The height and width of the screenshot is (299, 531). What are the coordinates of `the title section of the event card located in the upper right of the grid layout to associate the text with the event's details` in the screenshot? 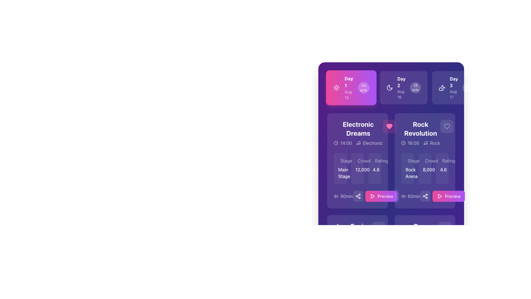 It's located at (425, 133).